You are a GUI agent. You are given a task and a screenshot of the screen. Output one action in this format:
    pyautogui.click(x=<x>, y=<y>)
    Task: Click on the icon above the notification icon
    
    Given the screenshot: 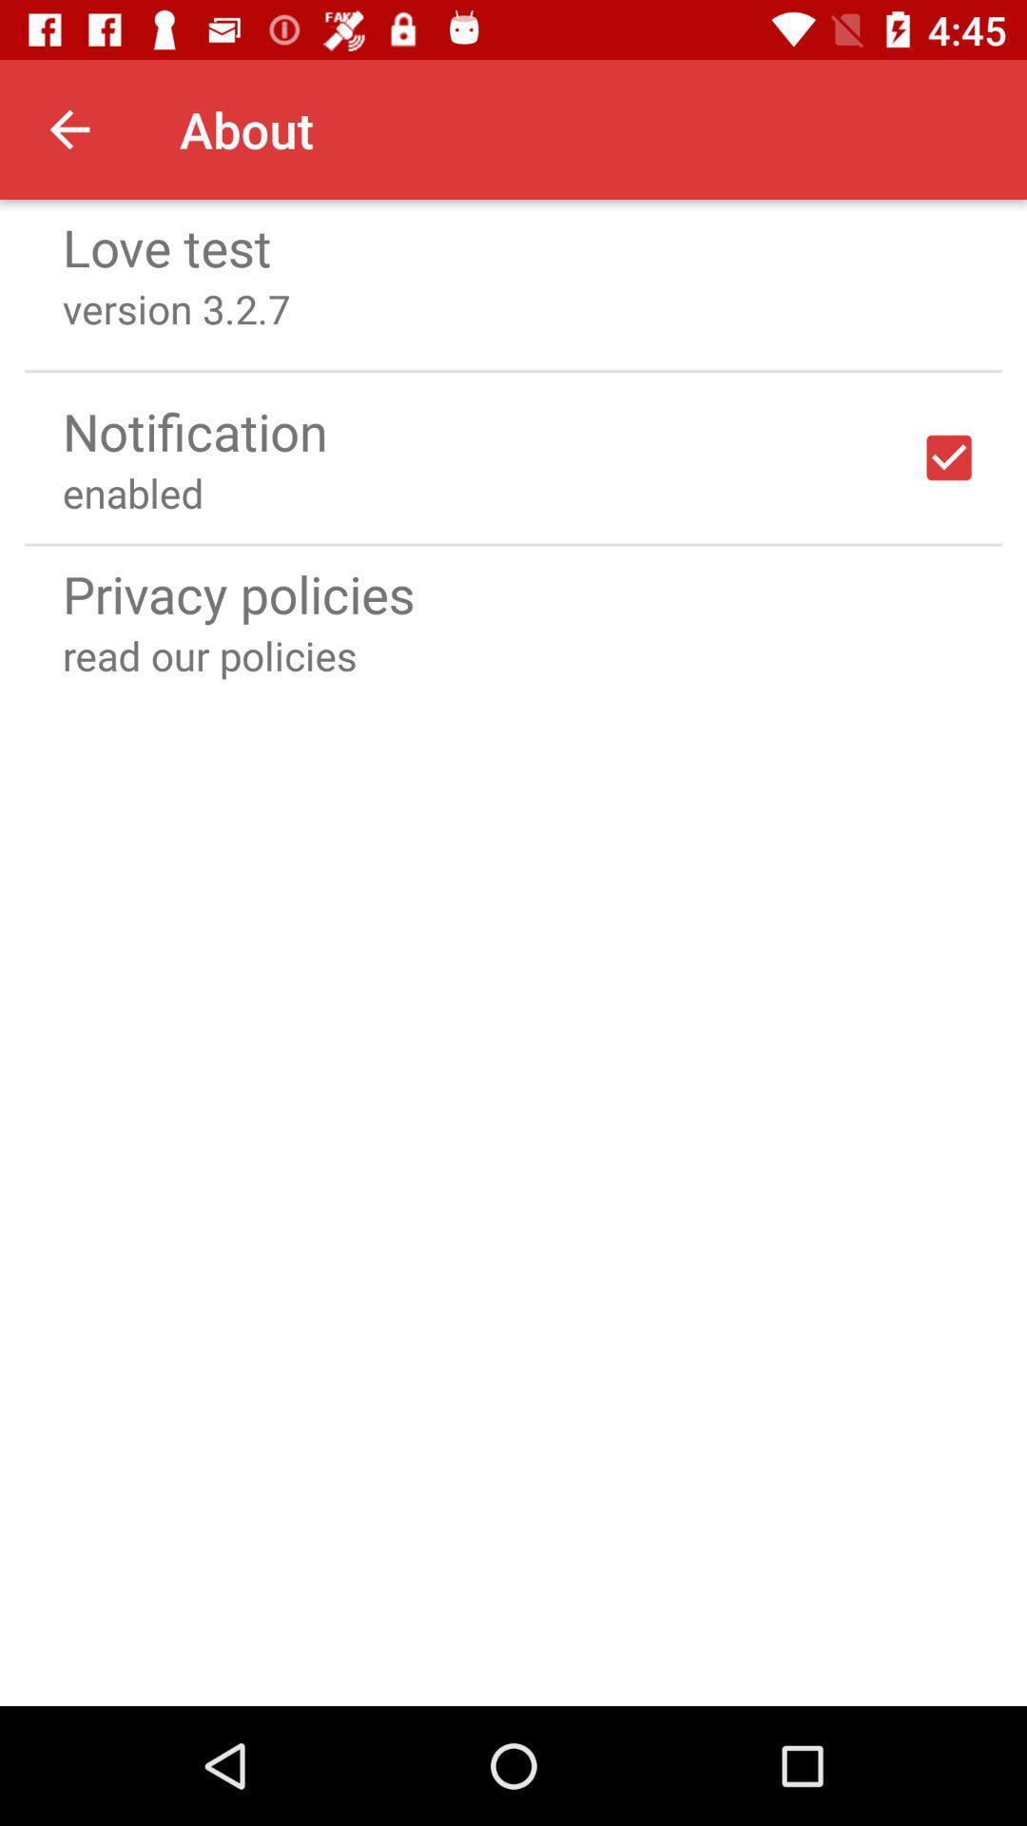 What is the action you would take?
    pyautogui.click(x=513, y=371)
    